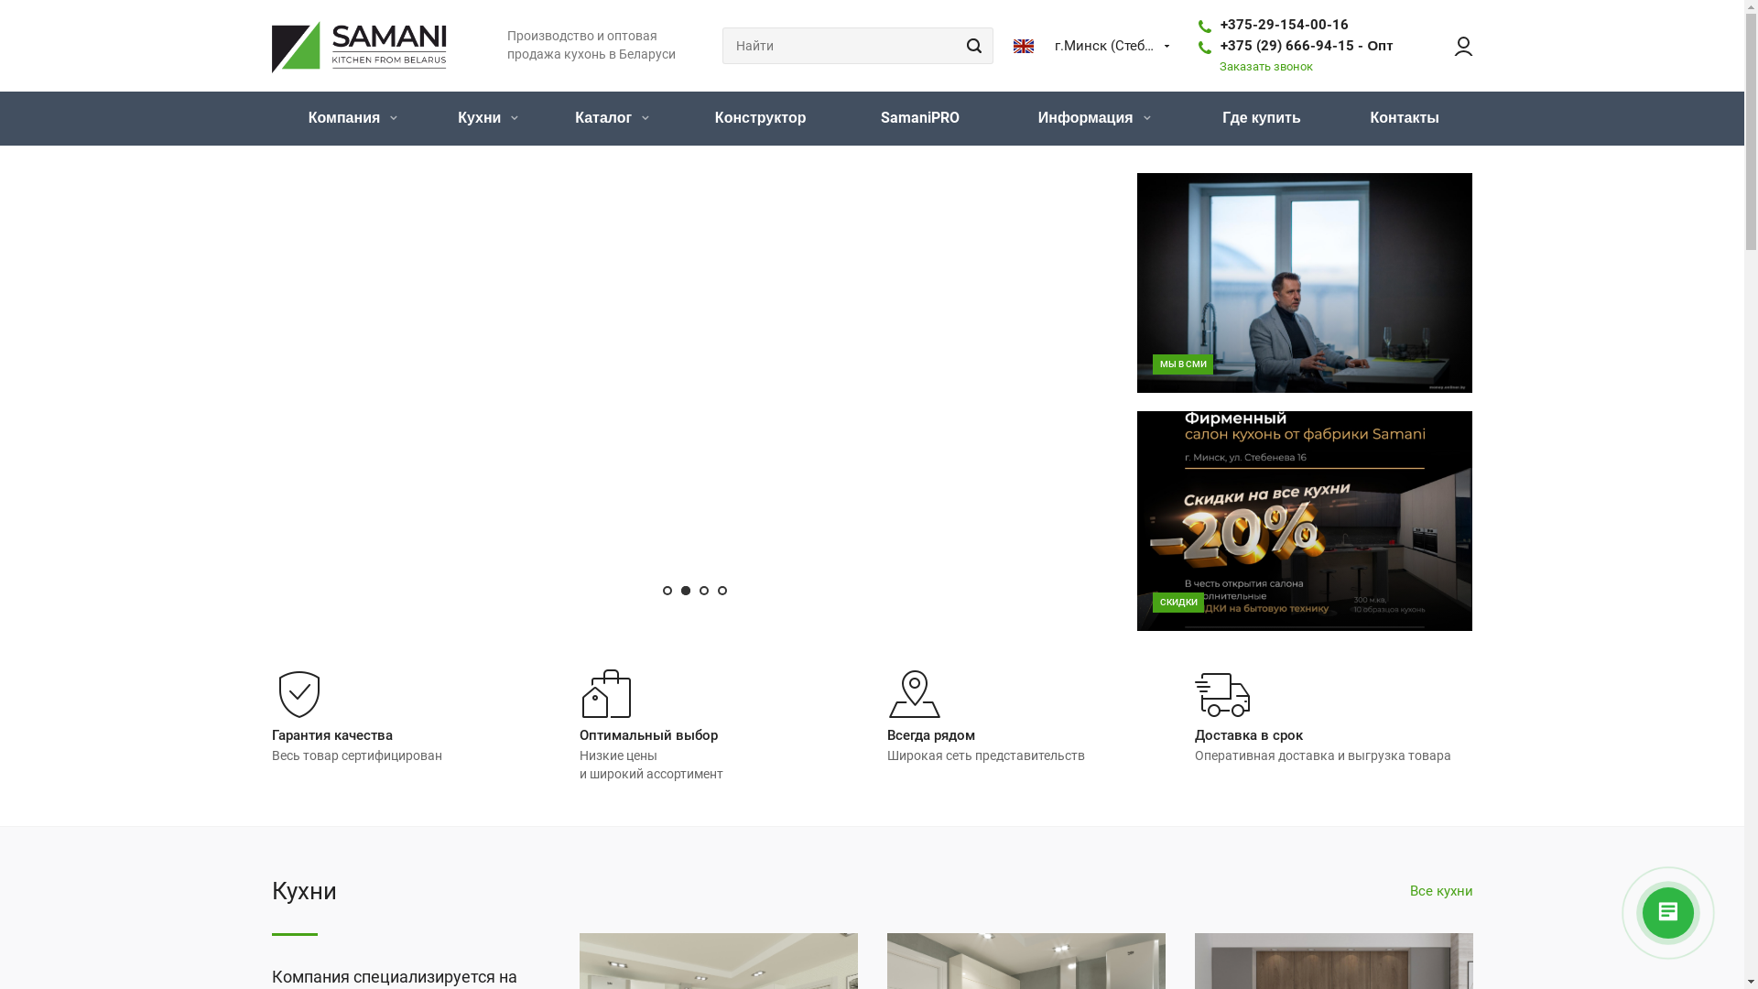 This screenshot has width=1758, height=989. Describe the element at coordinates (1283, 25) in the screenshot. I see `'+375-29-154-00-16'` at that location.